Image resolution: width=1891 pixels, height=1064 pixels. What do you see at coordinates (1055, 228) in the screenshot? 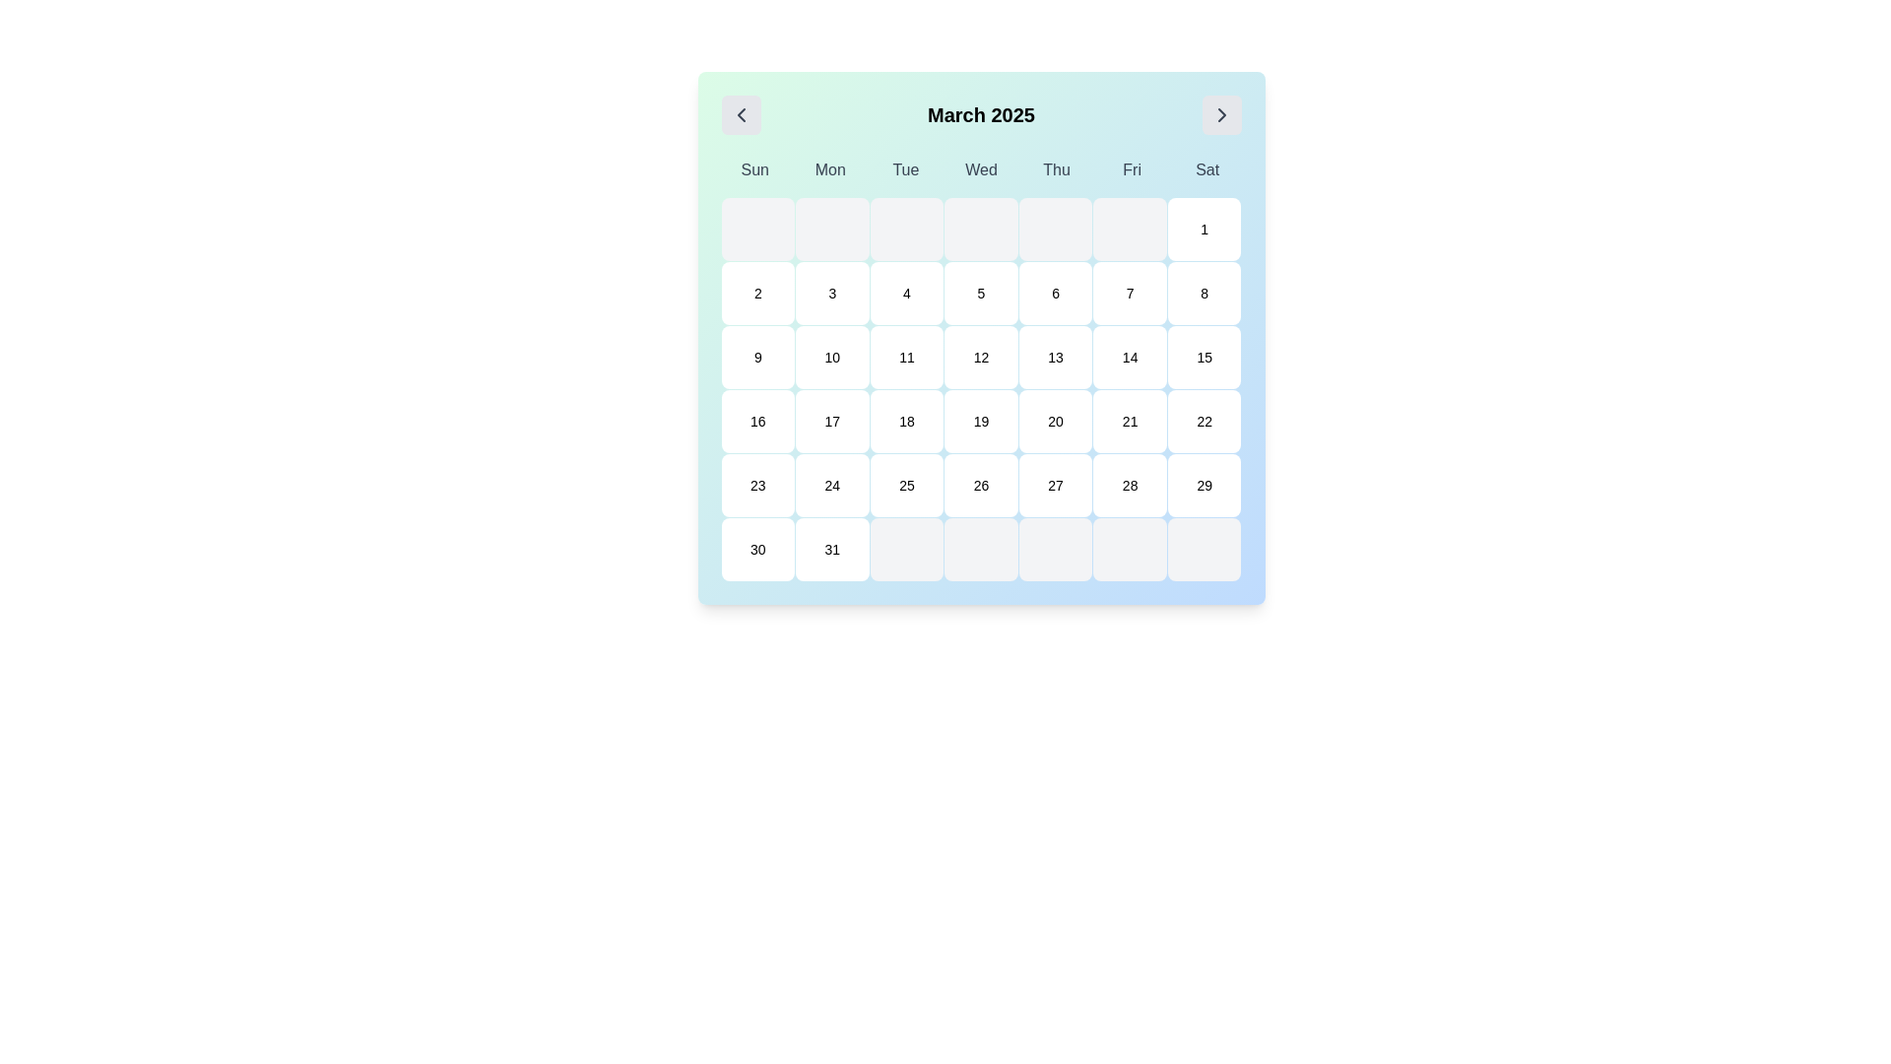
I see `the fifth cell in the topmost row of the calendar grid, which is aligned under the column labeled 'Thu'` at bounding box center [1055, 228].